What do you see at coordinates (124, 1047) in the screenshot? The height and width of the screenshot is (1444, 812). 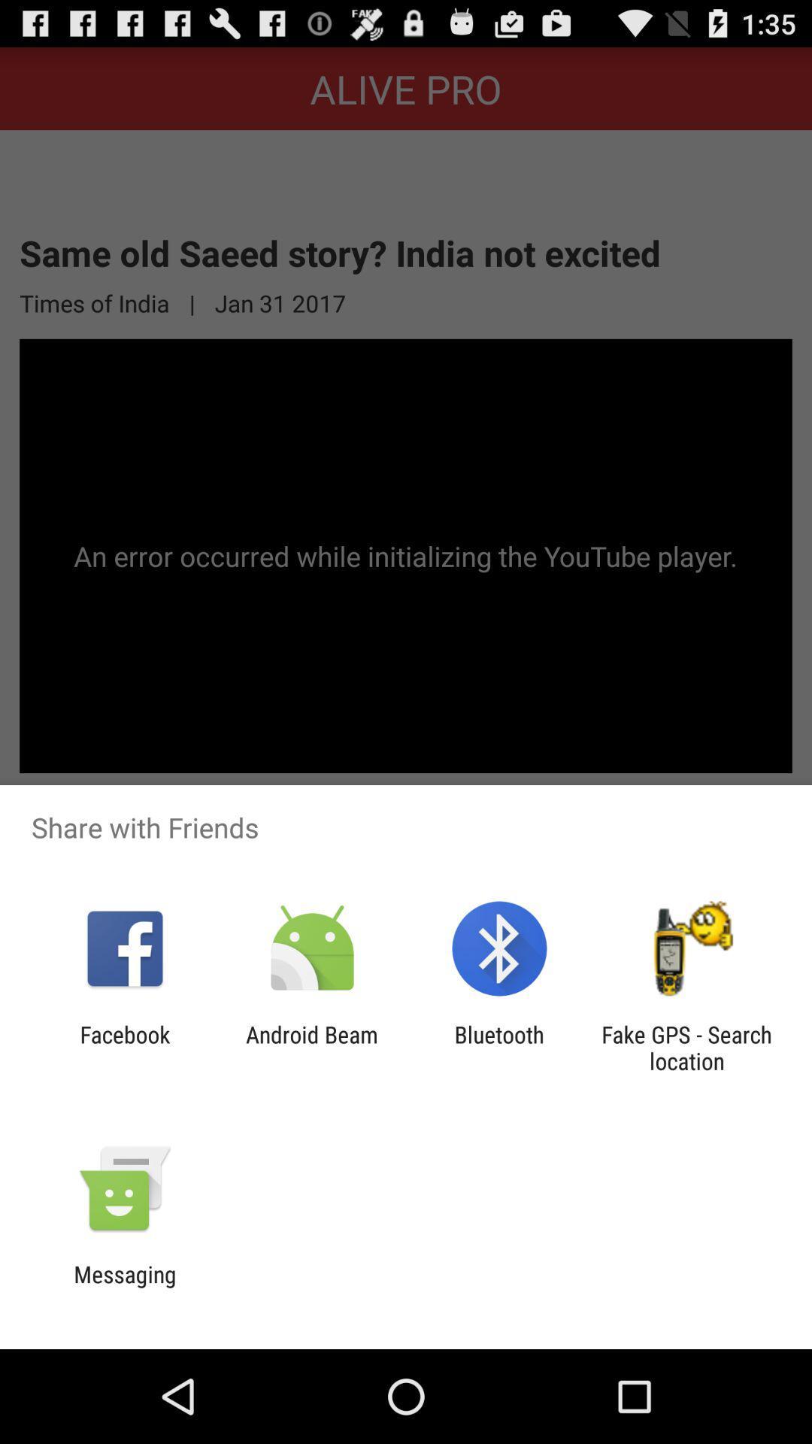 I see `item next to the android beam` at bounding box center [124, 1047].